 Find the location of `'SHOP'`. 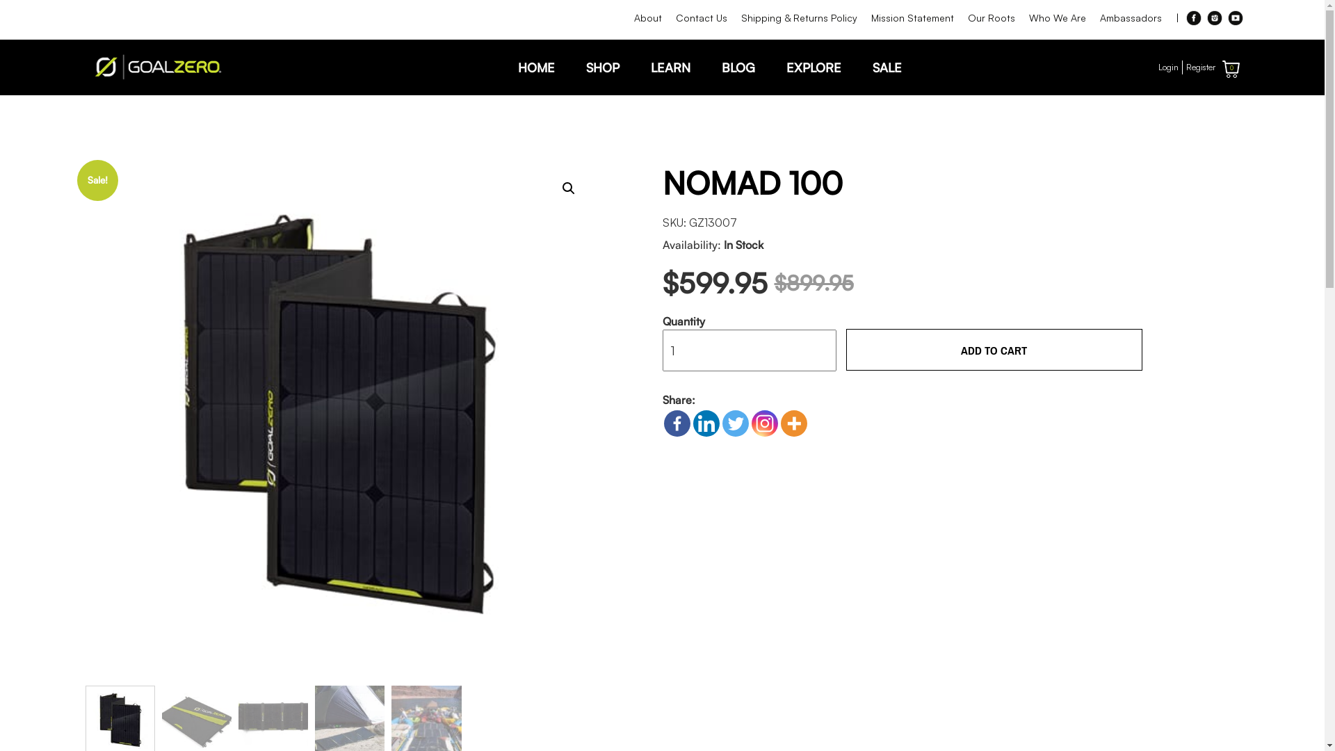

'SHOP' is located at coordinates (601, 67).